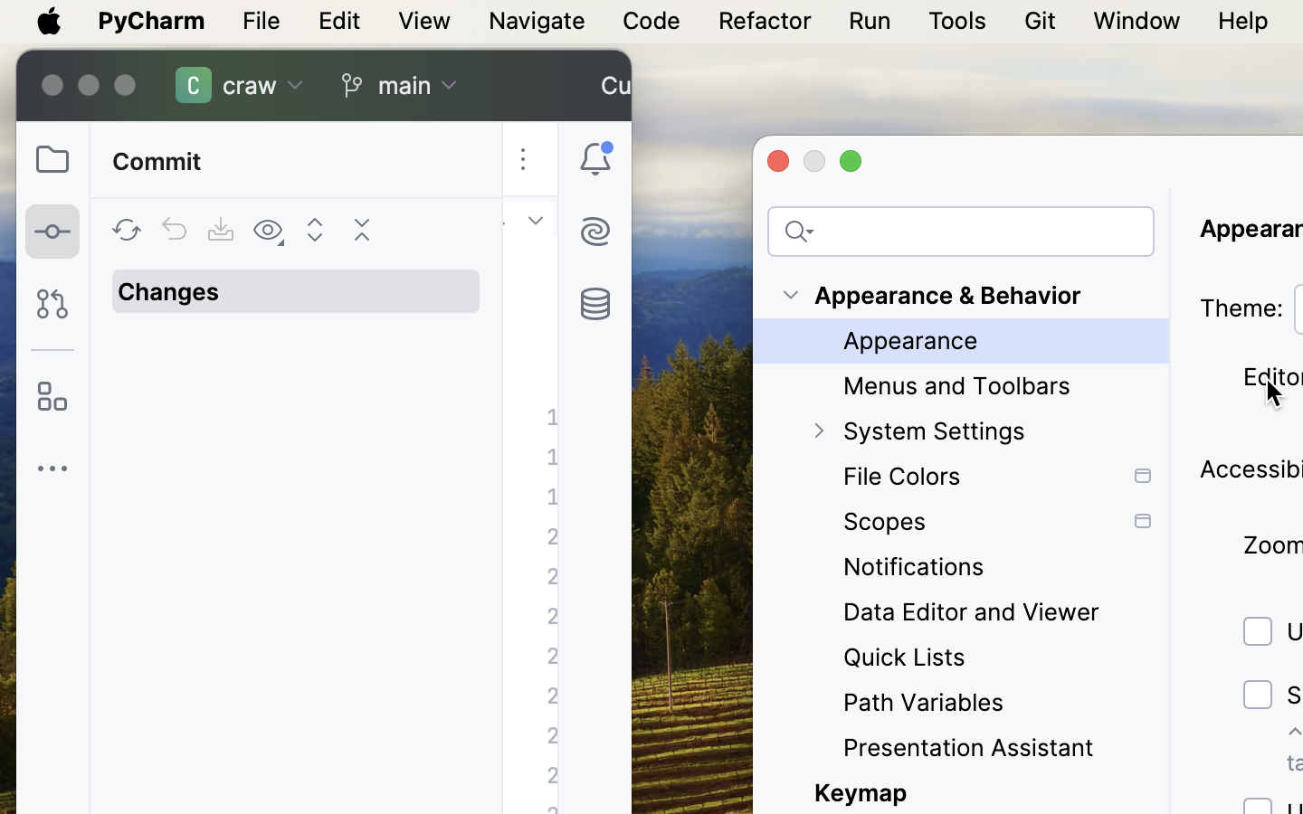 This screenshot has width=1303, height=814. Describe the element at coordinates (1241, 308) in the screenshot. I see `'Theme:'` at that location.